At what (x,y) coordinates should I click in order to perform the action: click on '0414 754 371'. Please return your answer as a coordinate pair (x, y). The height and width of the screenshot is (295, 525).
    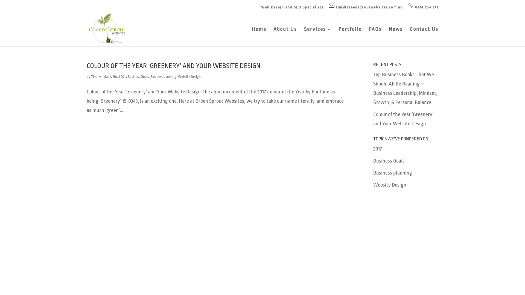
    Looking at the image, I should click on (423, 7).